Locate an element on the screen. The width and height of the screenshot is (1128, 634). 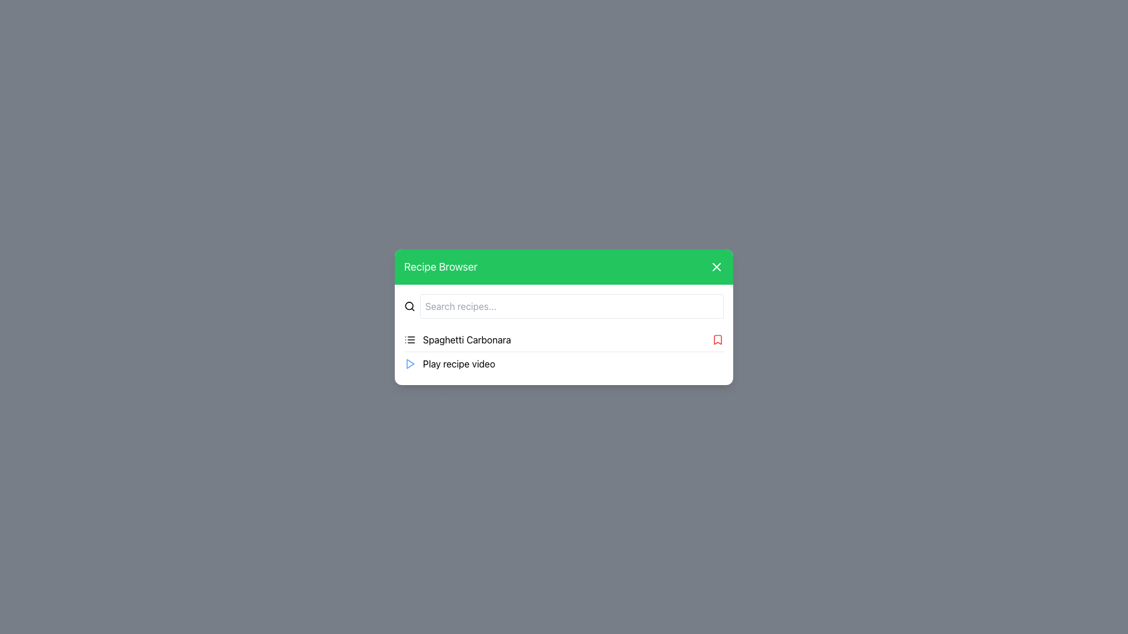
the bookmark icon located on the far right of the second row, adjacent to 'Spaghetti Carbonara' is located at coordinates (717, 339).